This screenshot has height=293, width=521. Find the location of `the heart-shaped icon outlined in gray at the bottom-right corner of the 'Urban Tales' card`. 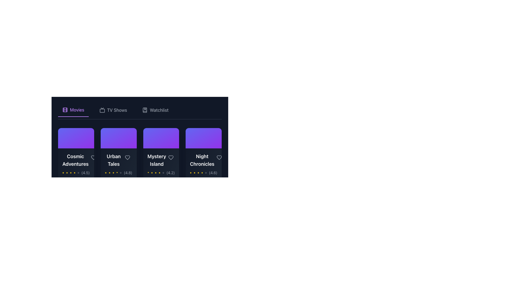

the heart-shaped icon outlined in gray at the bottom-right corner of the 'Urban Tales' card is located at coordinates (127, 157).